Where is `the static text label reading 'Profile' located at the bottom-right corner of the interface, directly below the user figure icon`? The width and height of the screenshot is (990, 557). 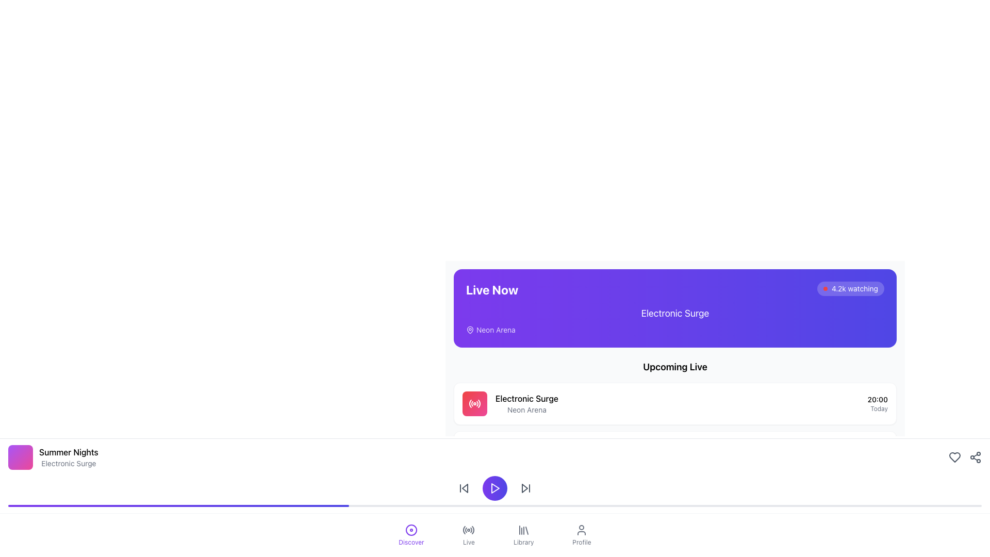 the static text label reading 'Profile' located at the bottom-right corner of the interface, directly below the user figure icon is located at coordinates (582, 542).